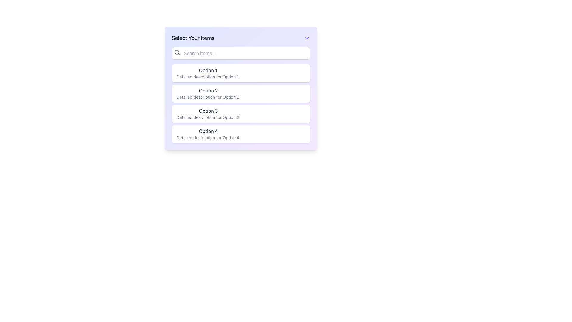 The height and width of the screenshot is (322, 572). I want to click on descriptive text located beneath the main label 'Option 4' in the list interface, which provides additional information about this option, so click(208, 138).